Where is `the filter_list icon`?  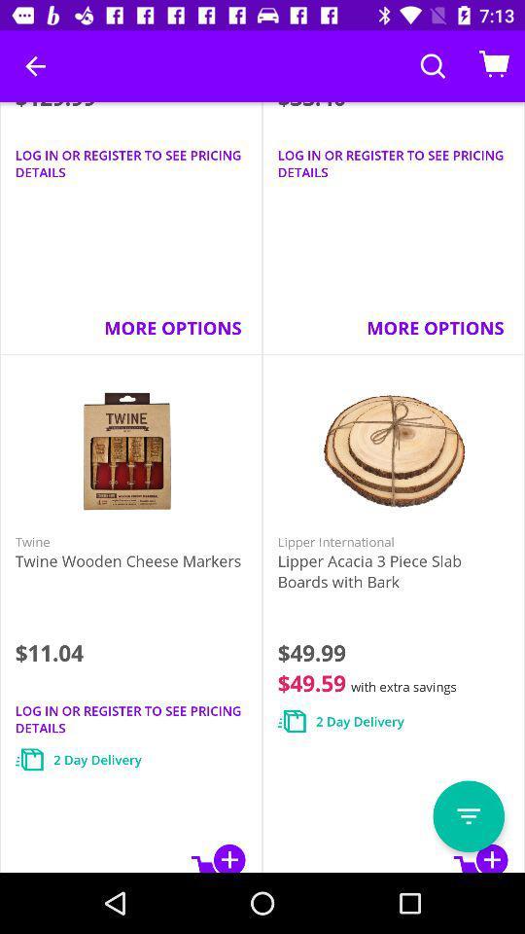
the filter_list icon is located at coordinates (468, 816).